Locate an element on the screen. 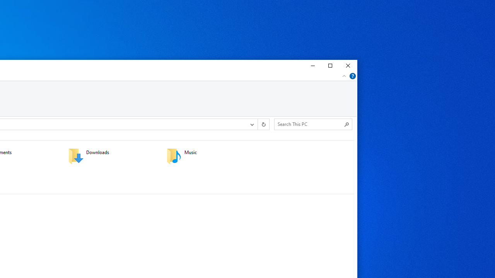  'Help' is located at coordinates (352, 76).